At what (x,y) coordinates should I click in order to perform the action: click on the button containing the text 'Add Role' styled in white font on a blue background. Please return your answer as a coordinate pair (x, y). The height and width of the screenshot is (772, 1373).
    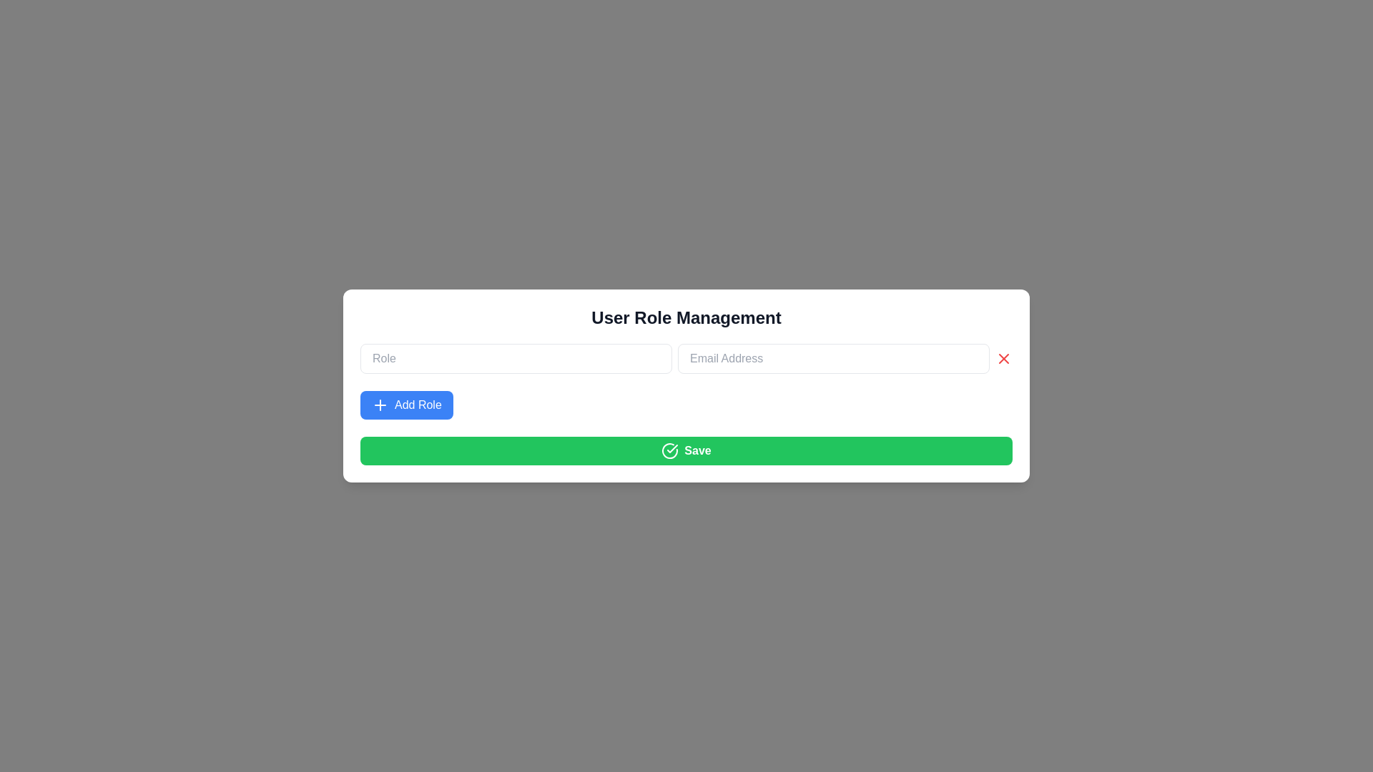
    Looking at the image, I should click on (417, 405).